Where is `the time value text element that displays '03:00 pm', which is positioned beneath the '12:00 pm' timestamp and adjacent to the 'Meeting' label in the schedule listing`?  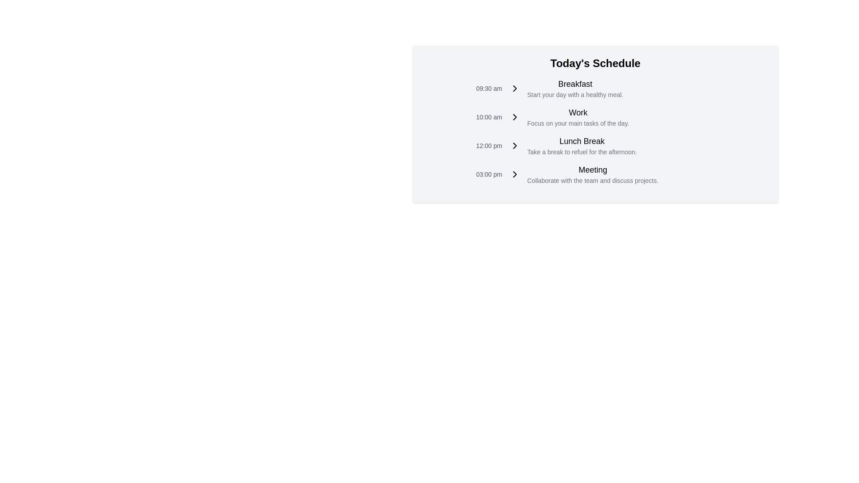
the time value text element that displays '03:00 pm', which is positioned beneath the '12:00 pm' timestamp and adjacent to the 'Meeting' label in the schedule listing is located at coordinates (489, 174).